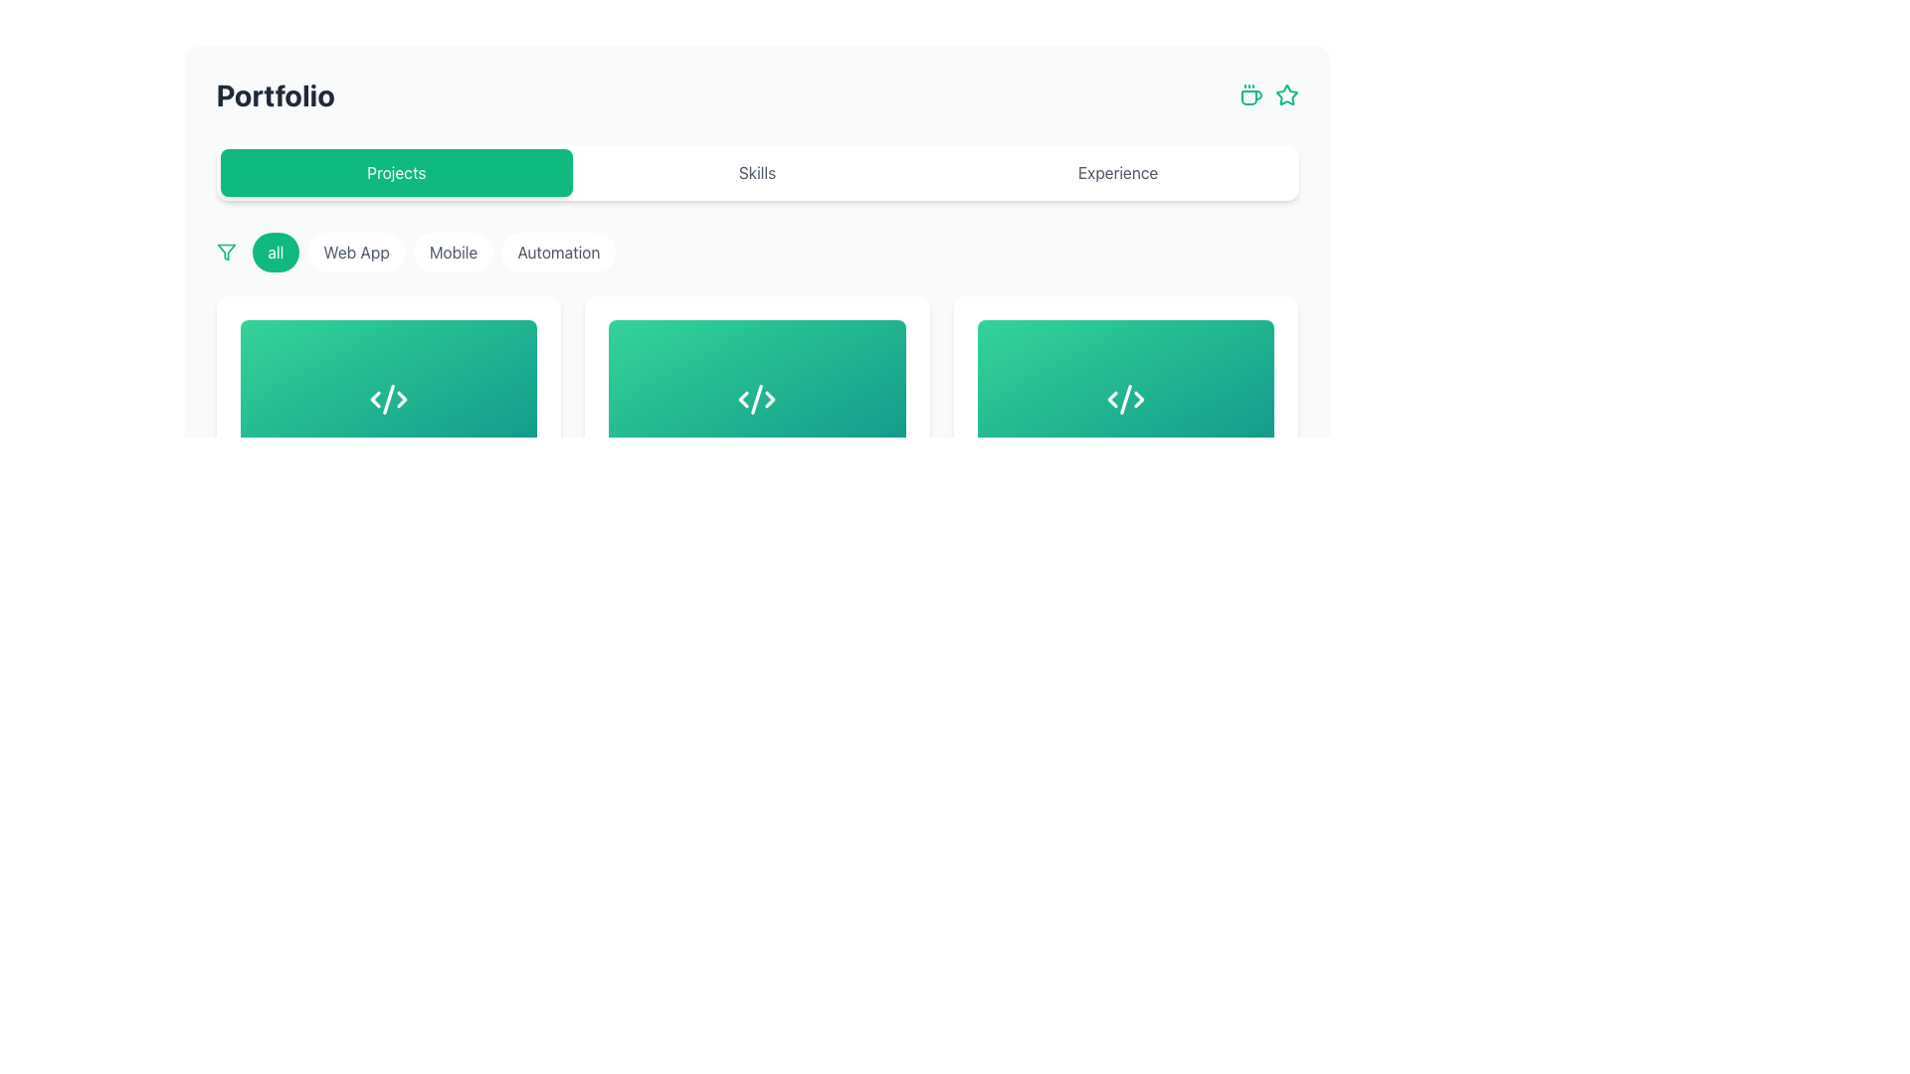  Describe the element at coordinates (756, 171) in the screenshot. I see `the centered 'Skills' tab in the navigation bar to trigger its visual change` at that location.